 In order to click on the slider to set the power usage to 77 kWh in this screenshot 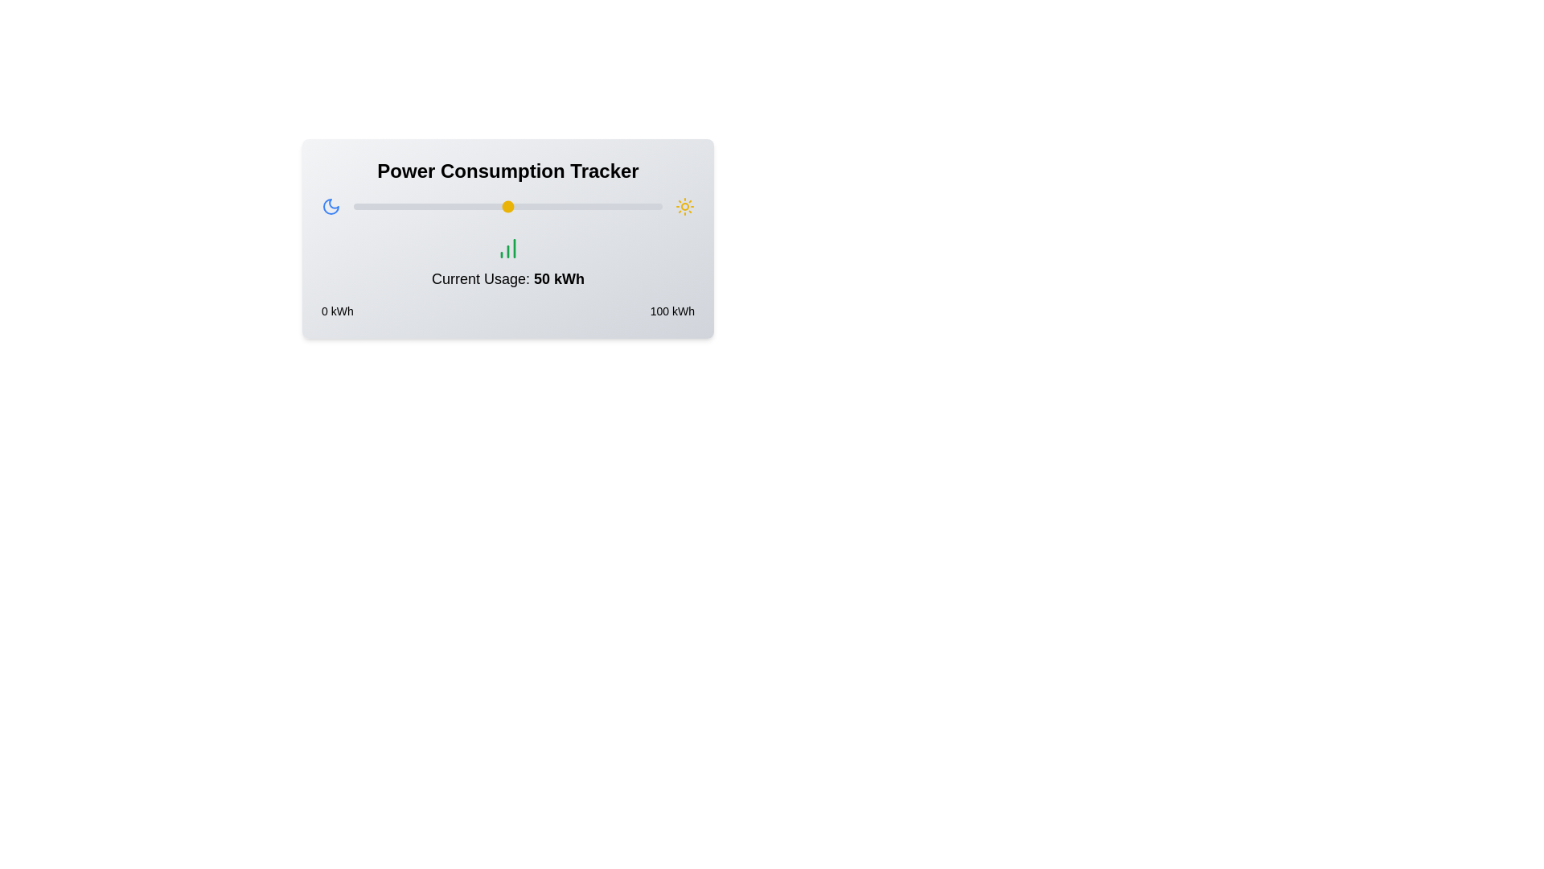, I will do `click(590, 206)`.